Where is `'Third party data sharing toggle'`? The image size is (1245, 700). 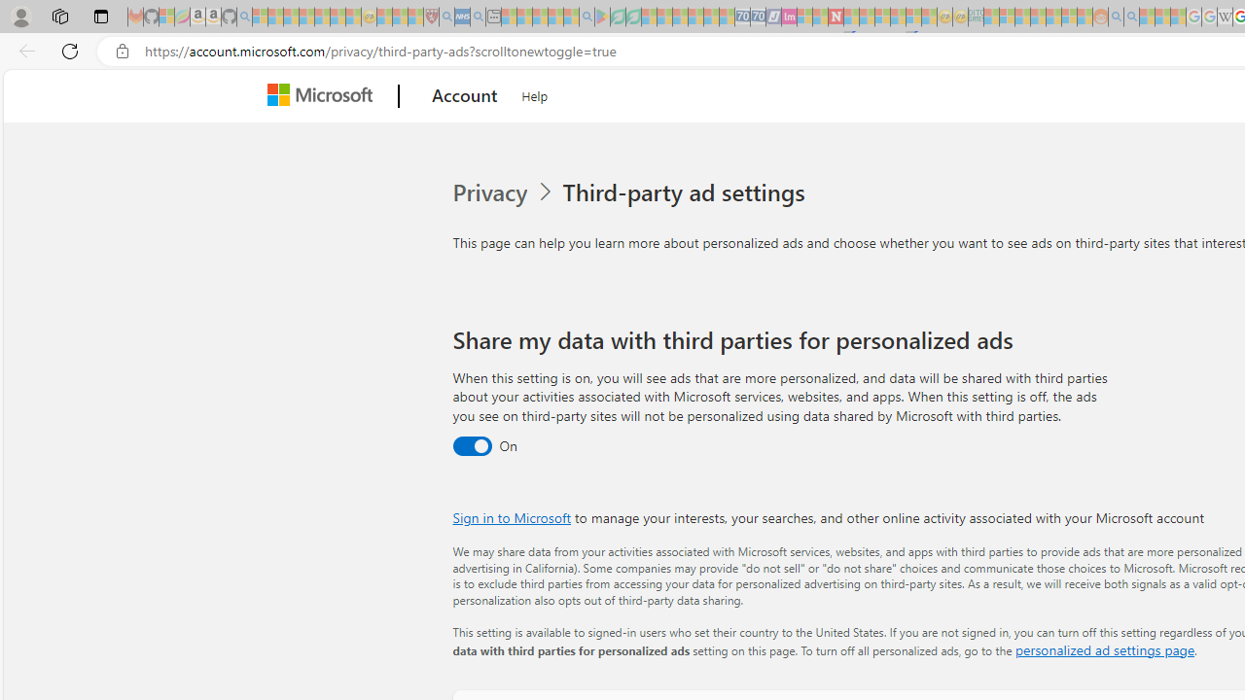
'Third party data sharing toggle' is located at coordinates (472, 446).